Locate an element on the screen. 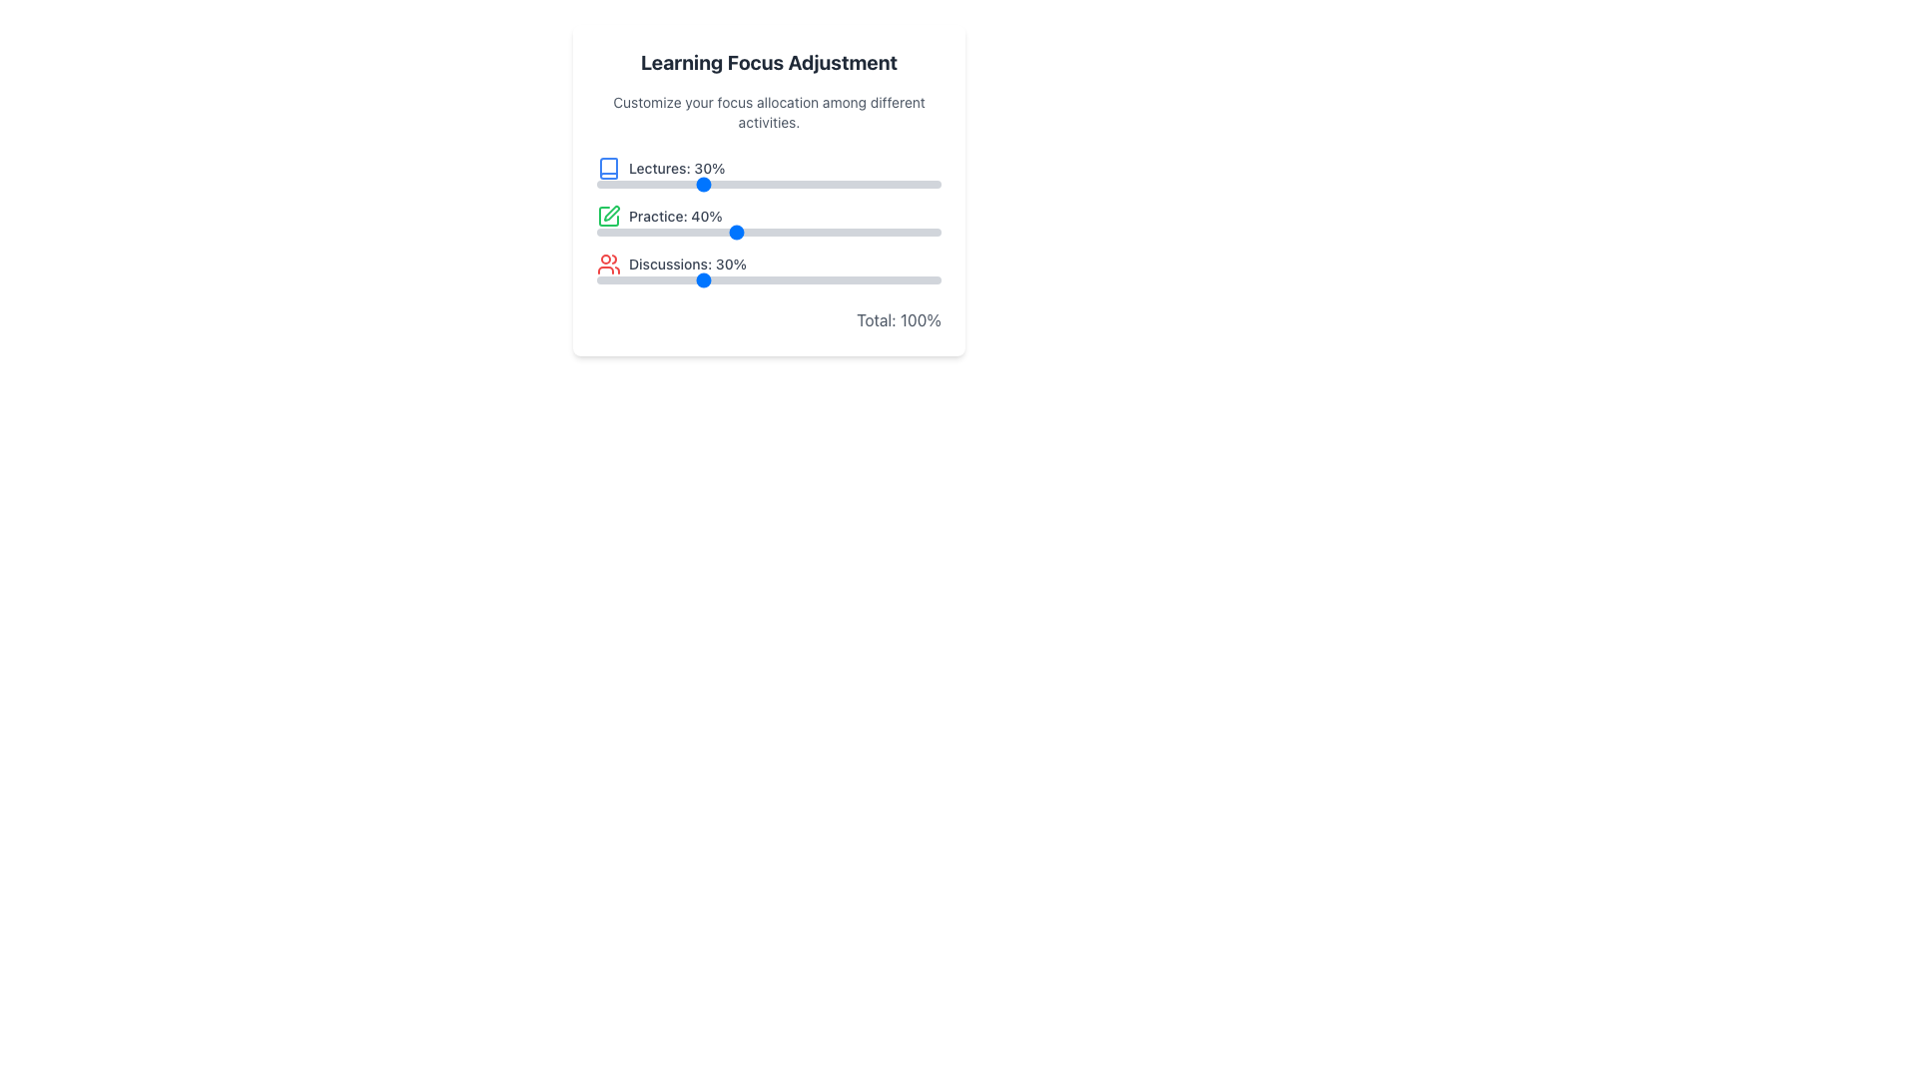  the 'Practice' slider is located at coordinates (768, 231).